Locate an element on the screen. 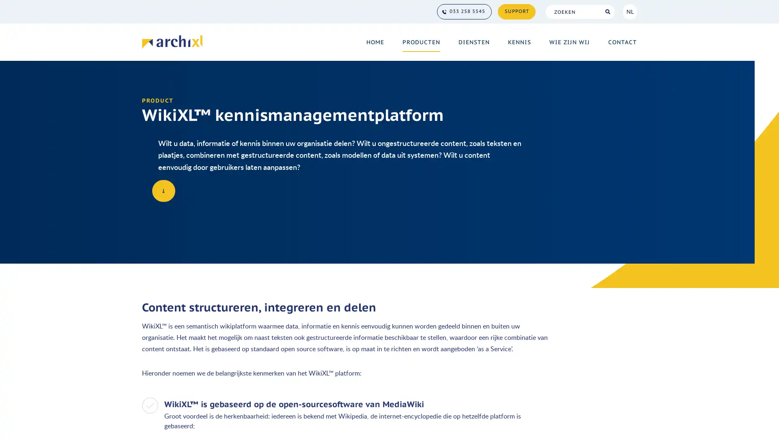 The image size is (779, 438). Search is located at coordinates (607, 11).